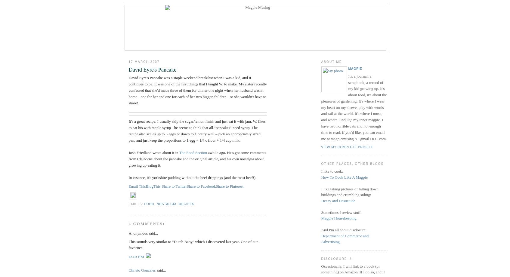 Image resolution: width=510 pixels, height=277 pixels. Describe the element at coordinates (355, 68) in the screenshot. I see `'Magpie'` at that location.